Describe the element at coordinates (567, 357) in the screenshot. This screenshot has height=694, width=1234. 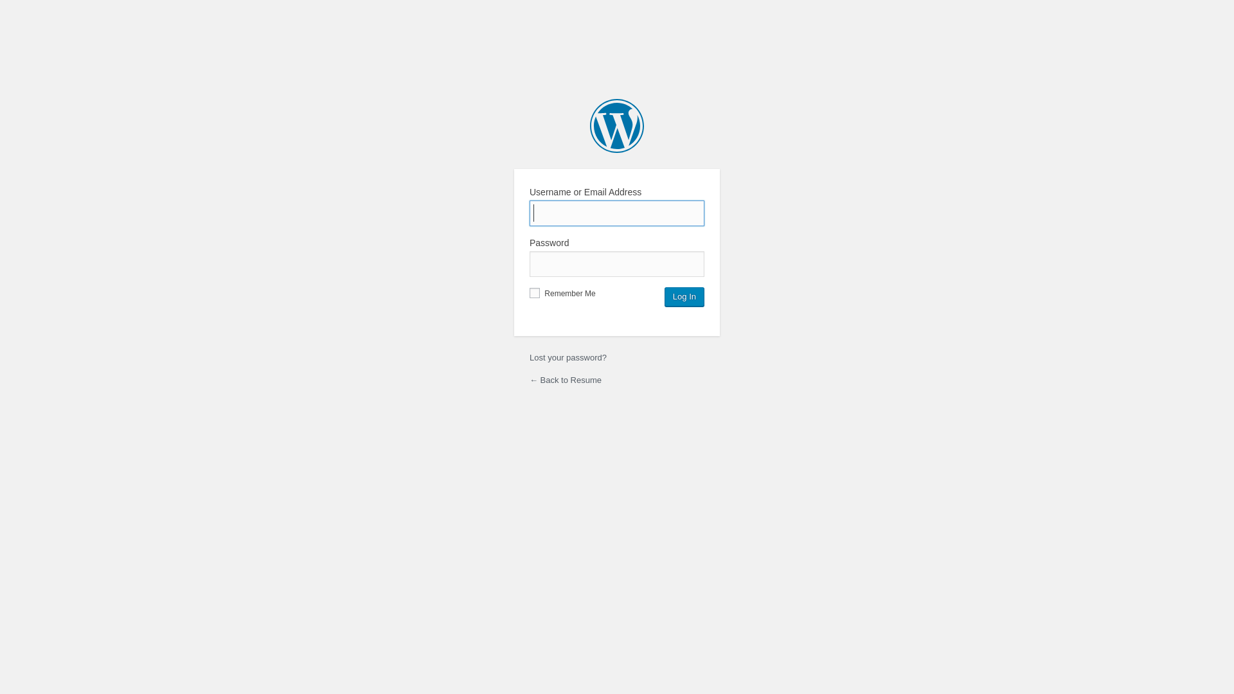
I see `'Lost your password?'` at that location.